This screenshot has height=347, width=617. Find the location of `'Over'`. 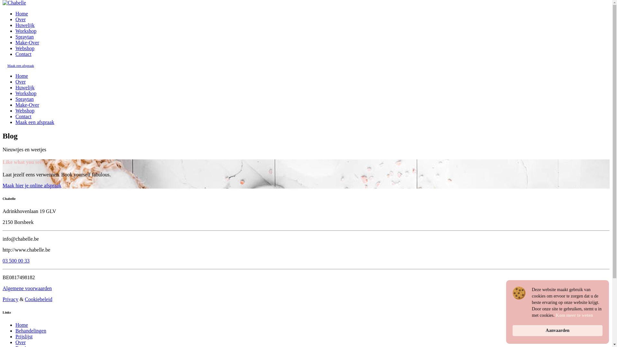

'Over' is located at coordinates (20, 19).